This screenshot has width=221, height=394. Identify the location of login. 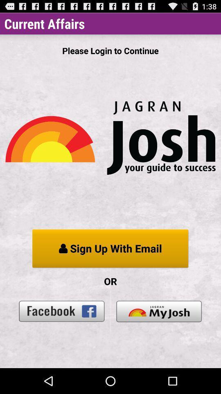
(159, 311).